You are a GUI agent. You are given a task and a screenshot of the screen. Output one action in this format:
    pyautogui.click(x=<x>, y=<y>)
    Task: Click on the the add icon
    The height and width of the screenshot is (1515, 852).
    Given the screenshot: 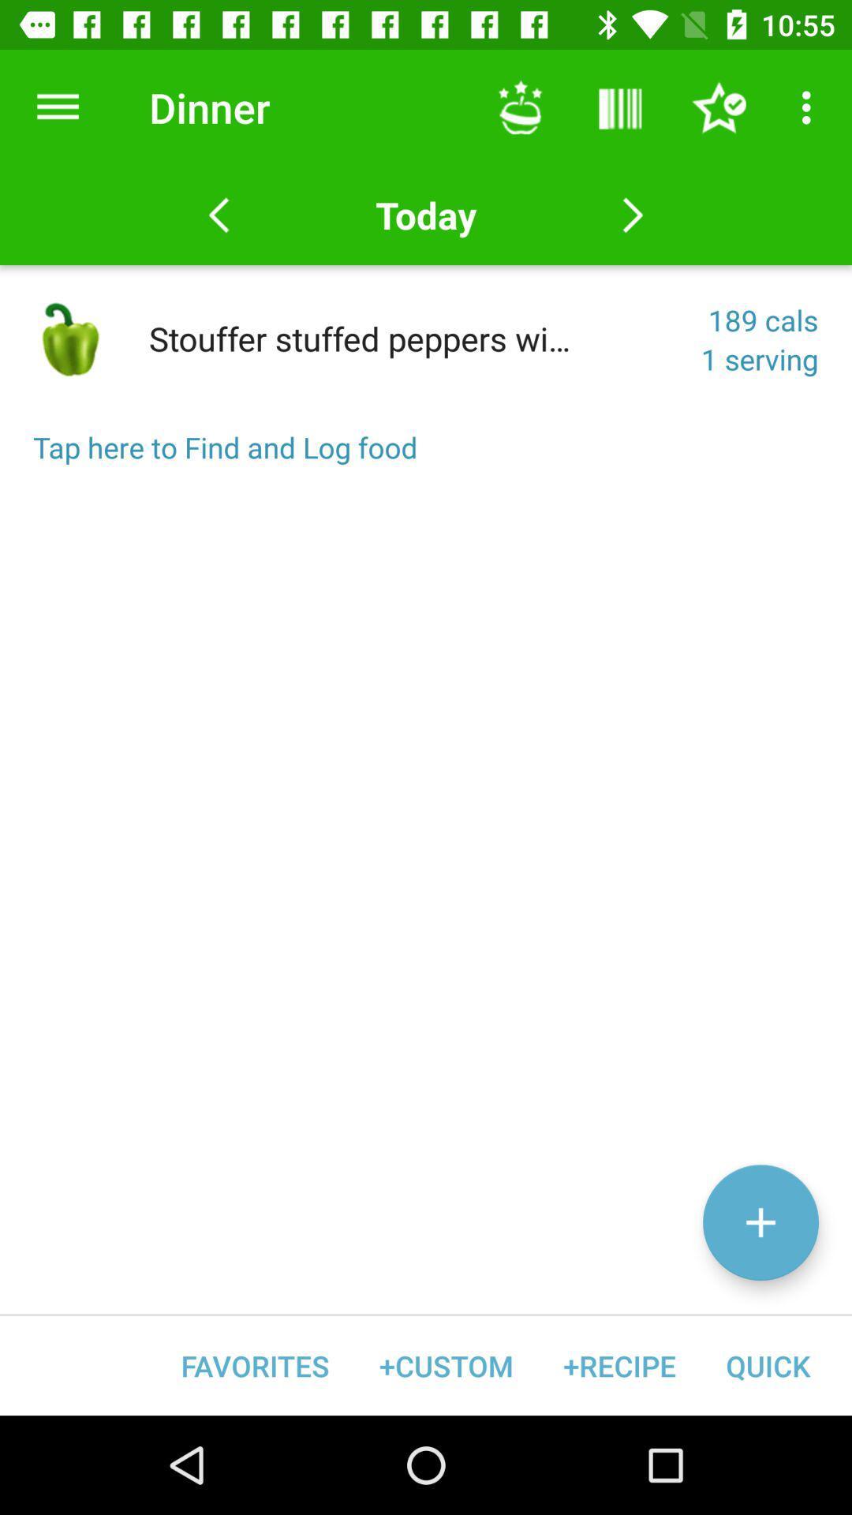 What is the action you would take?
    pyautogui.click(x=760, y=1221)
    